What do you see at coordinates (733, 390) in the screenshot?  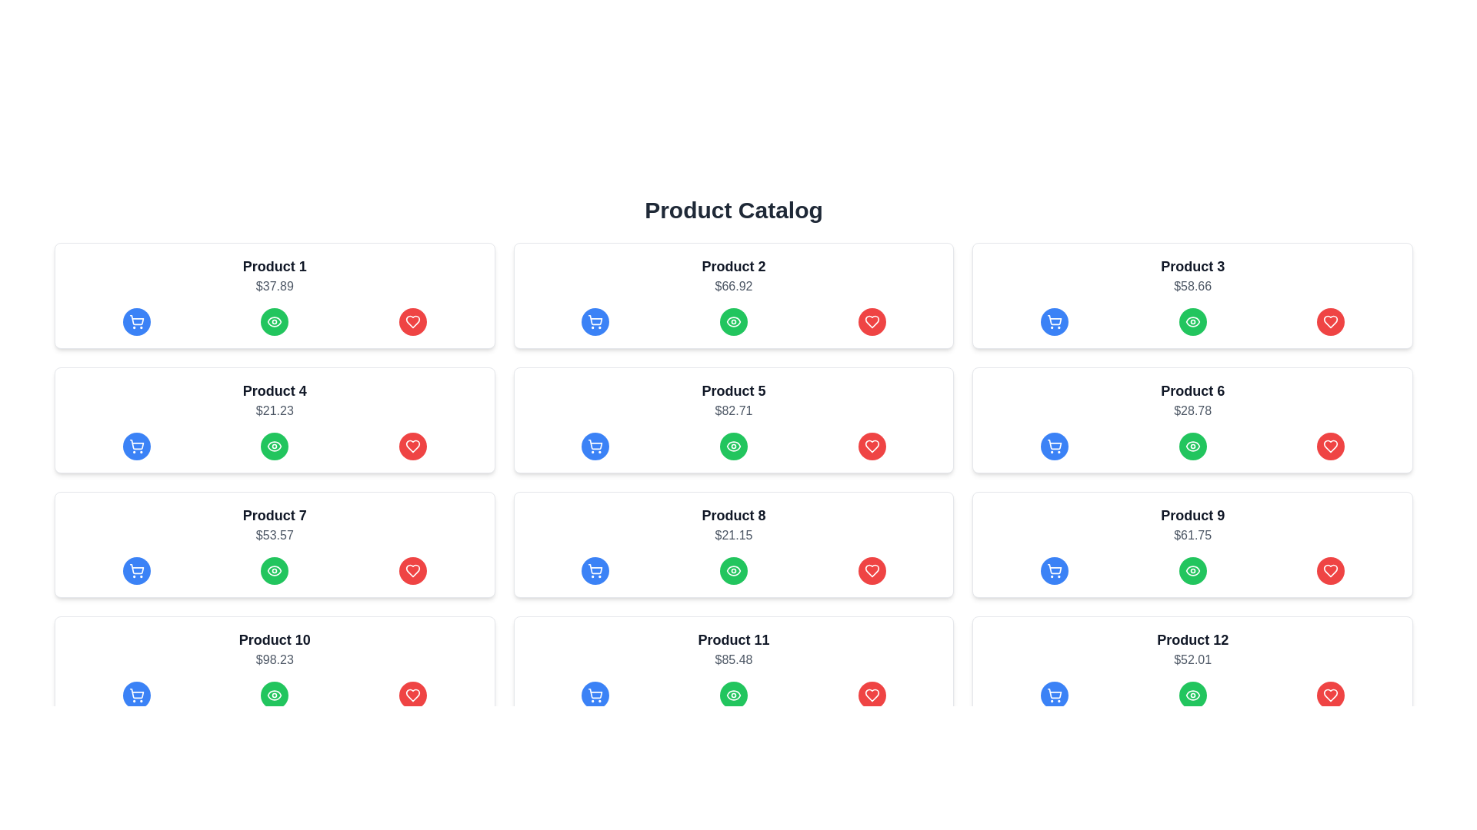 I see `the text label displaying 'Product 5' which is part of a product card layout in the third row and third column of the grid` at bounding box center [733, 390].